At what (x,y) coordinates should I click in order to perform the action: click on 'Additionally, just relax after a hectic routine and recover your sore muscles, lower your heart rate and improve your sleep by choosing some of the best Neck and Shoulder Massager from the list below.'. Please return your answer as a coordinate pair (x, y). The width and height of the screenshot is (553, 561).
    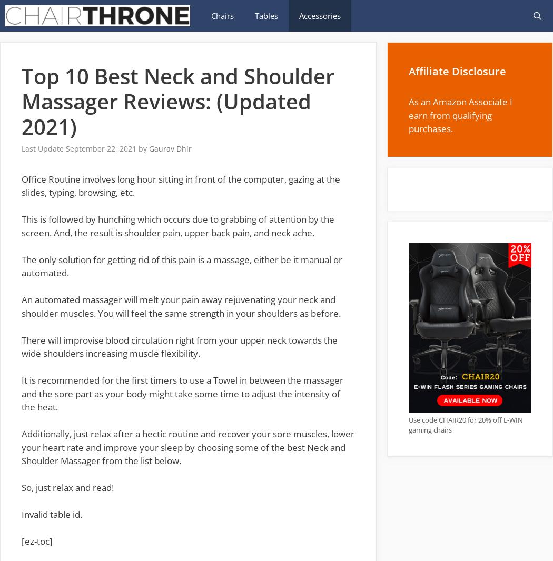
    Looking at the image, I should click on (187, 447).